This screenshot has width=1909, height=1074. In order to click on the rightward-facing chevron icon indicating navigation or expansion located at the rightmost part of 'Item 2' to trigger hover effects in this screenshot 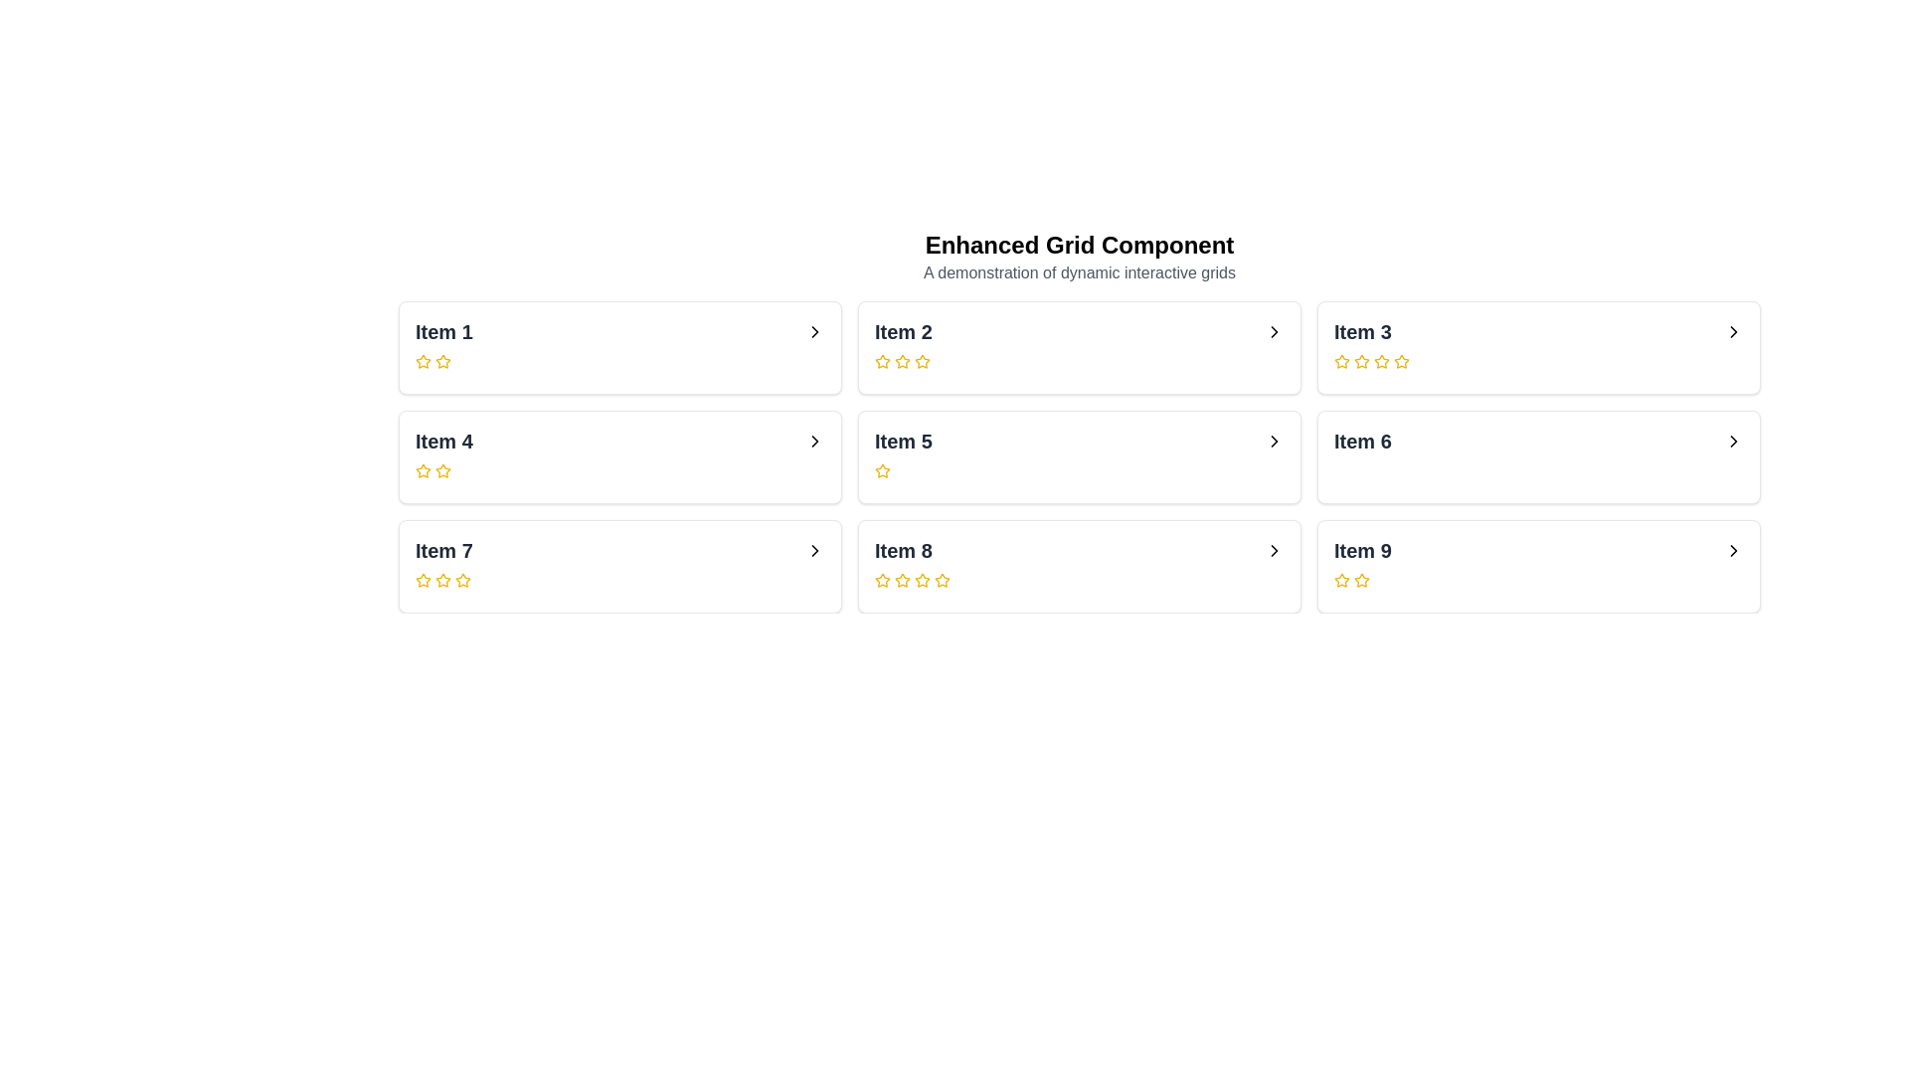, I will do `click(1274, 331)`.